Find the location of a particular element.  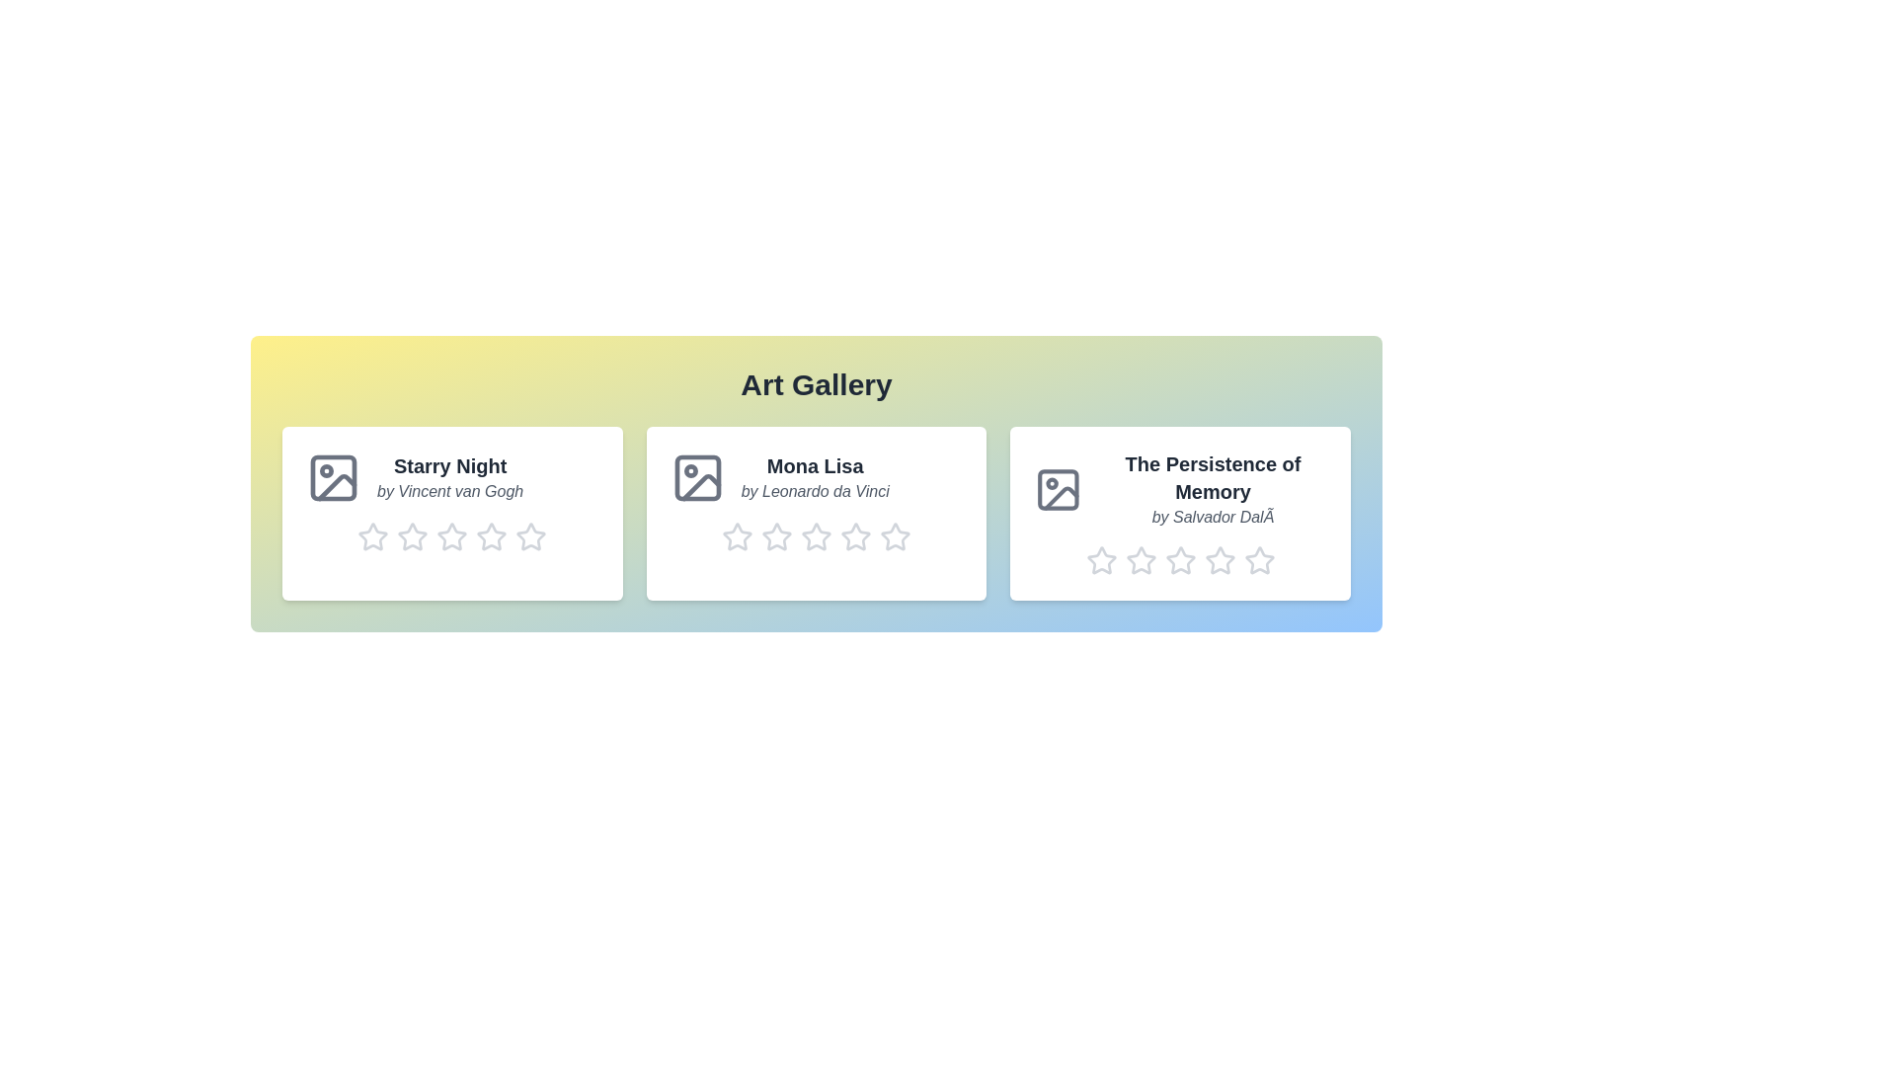

the rating of artwork 1 to 2 stars is located at coordinates (396, 536).